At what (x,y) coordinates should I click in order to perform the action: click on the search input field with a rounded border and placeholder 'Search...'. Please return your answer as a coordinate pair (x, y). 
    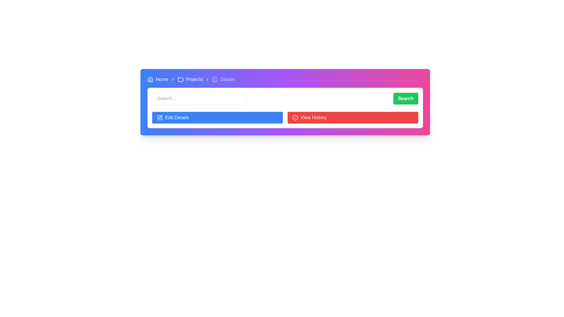
    Looking at the image, I should click on (199, 98).